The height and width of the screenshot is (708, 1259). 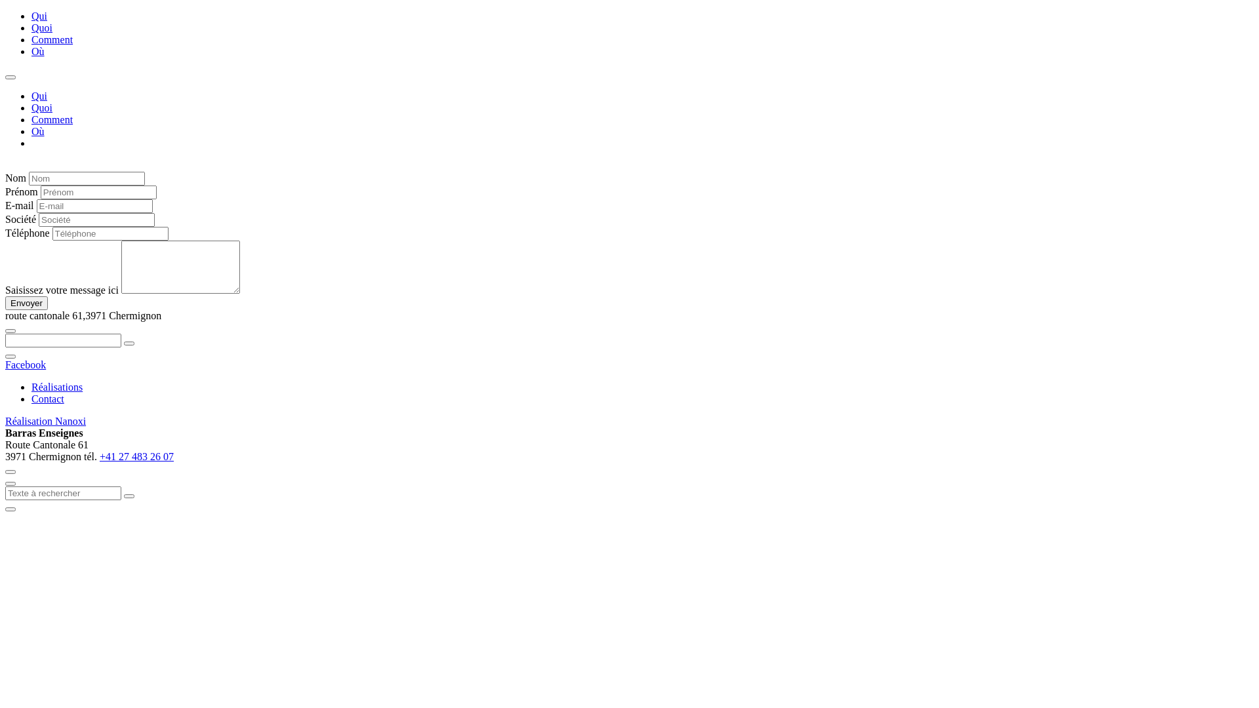 What do you see at coordinates (52, 39) in the screenshot?
I see `'Comment'` at bounding box center [52, 39].